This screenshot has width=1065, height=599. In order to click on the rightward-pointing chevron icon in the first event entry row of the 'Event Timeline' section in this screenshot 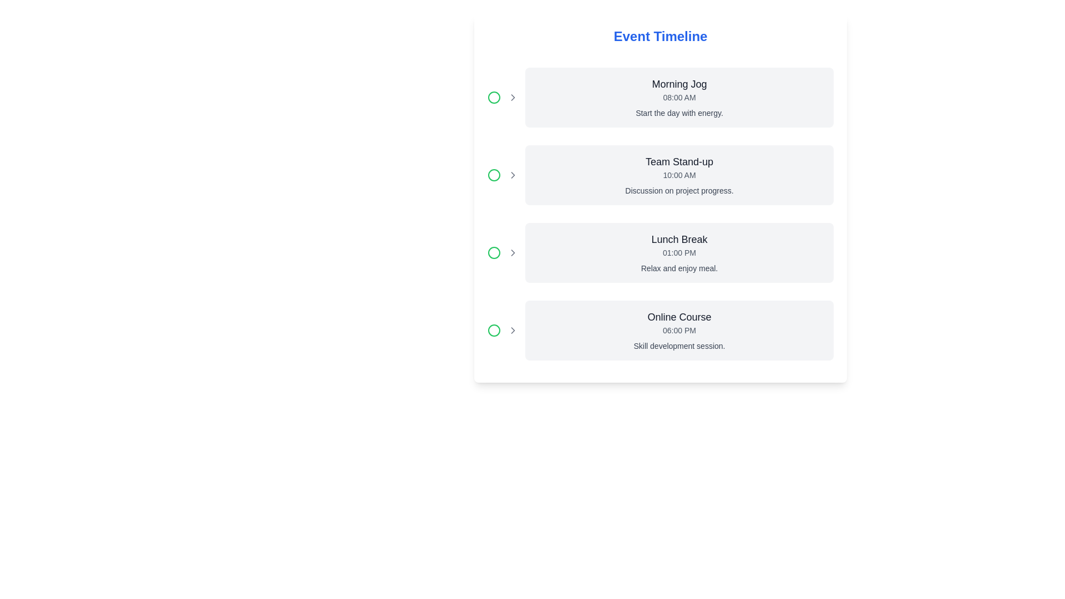, I will do `click(513, 97)`.